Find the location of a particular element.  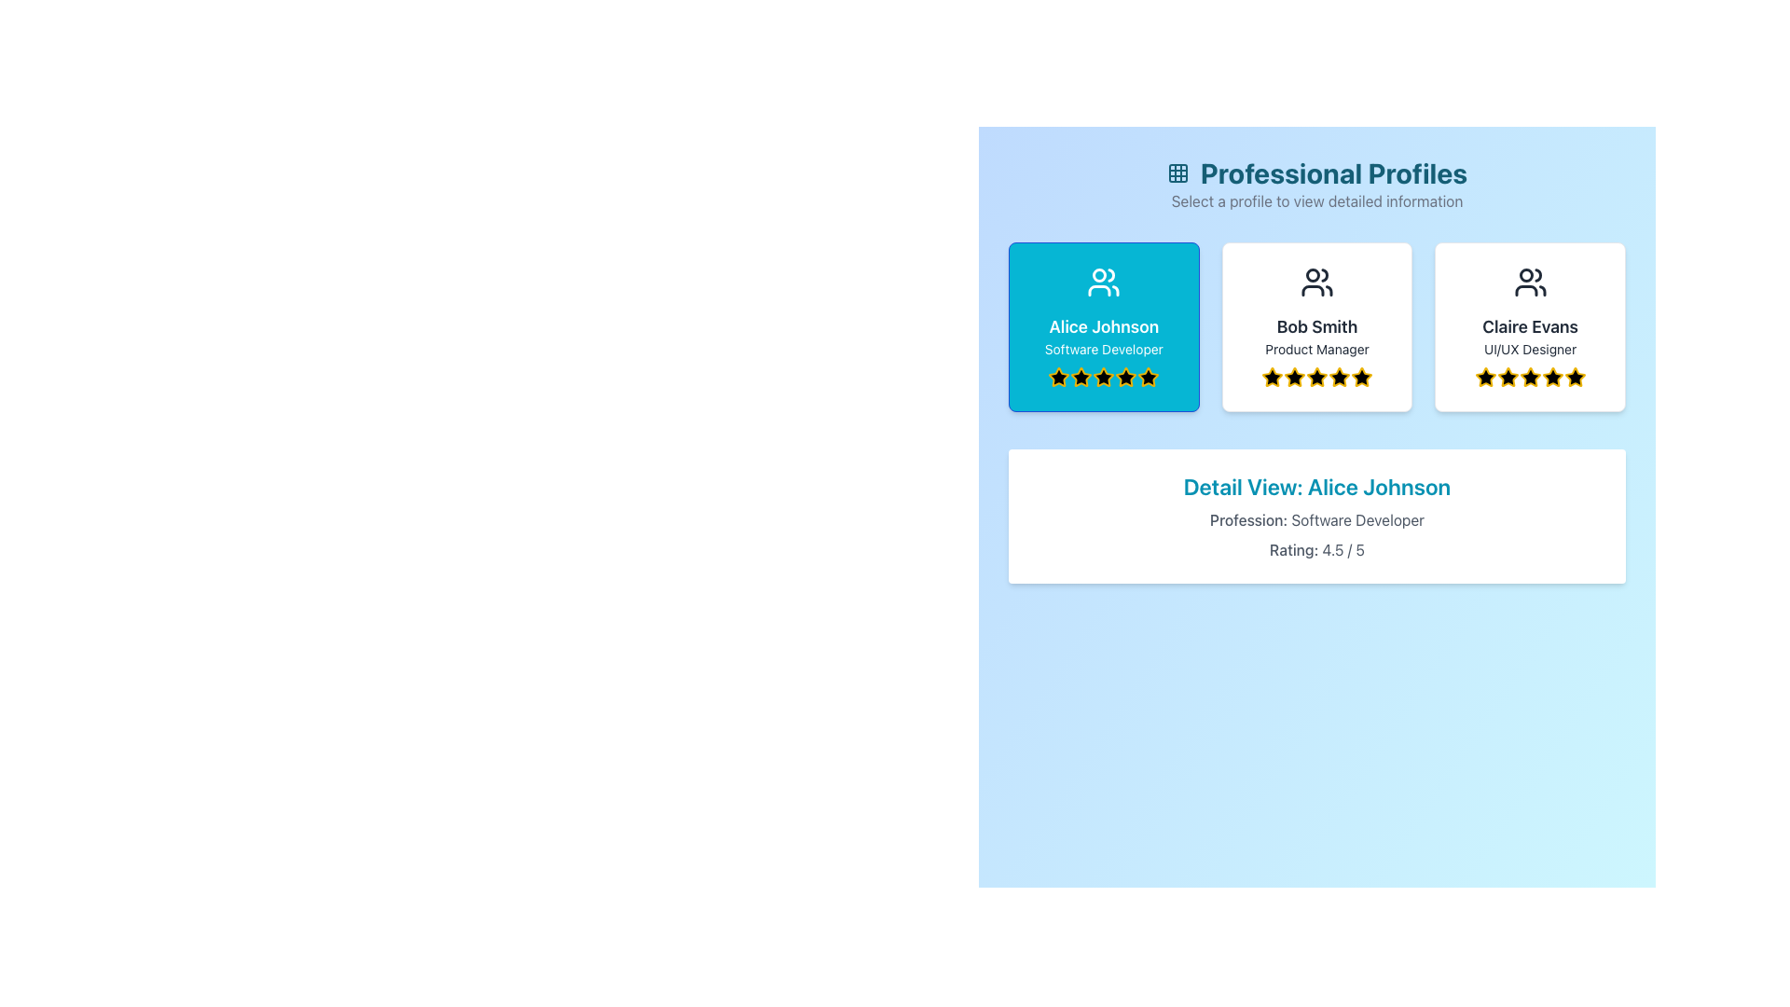

the third star icon in the 5-star rating system for the 'Bob Smith' profile located under his card is located at coordinates (1293, 378).